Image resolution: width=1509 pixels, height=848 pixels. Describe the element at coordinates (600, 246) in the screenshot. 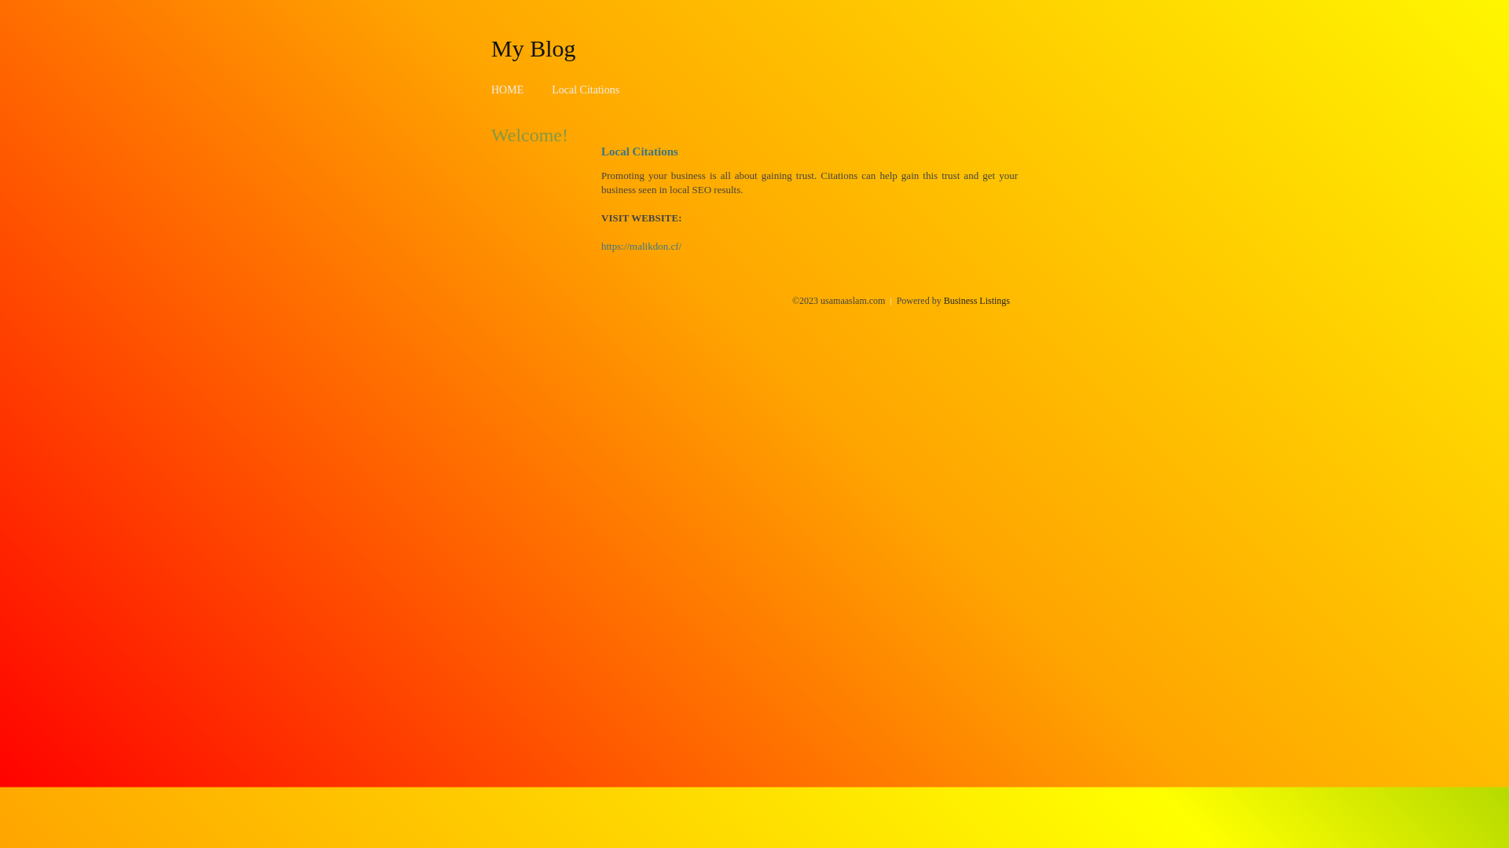

I see `'https://malikdon.cf/'` at that location.